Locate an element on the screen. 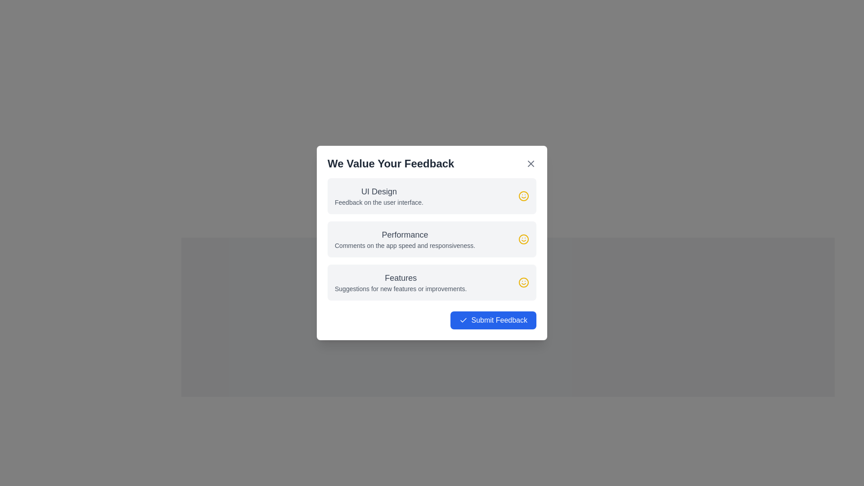 The width and height of the screenshot is (864, 486). the close button located in the top-right corner of the modal dialog titled 'We Value Your Feedback' is located at coordinates (531, 163).